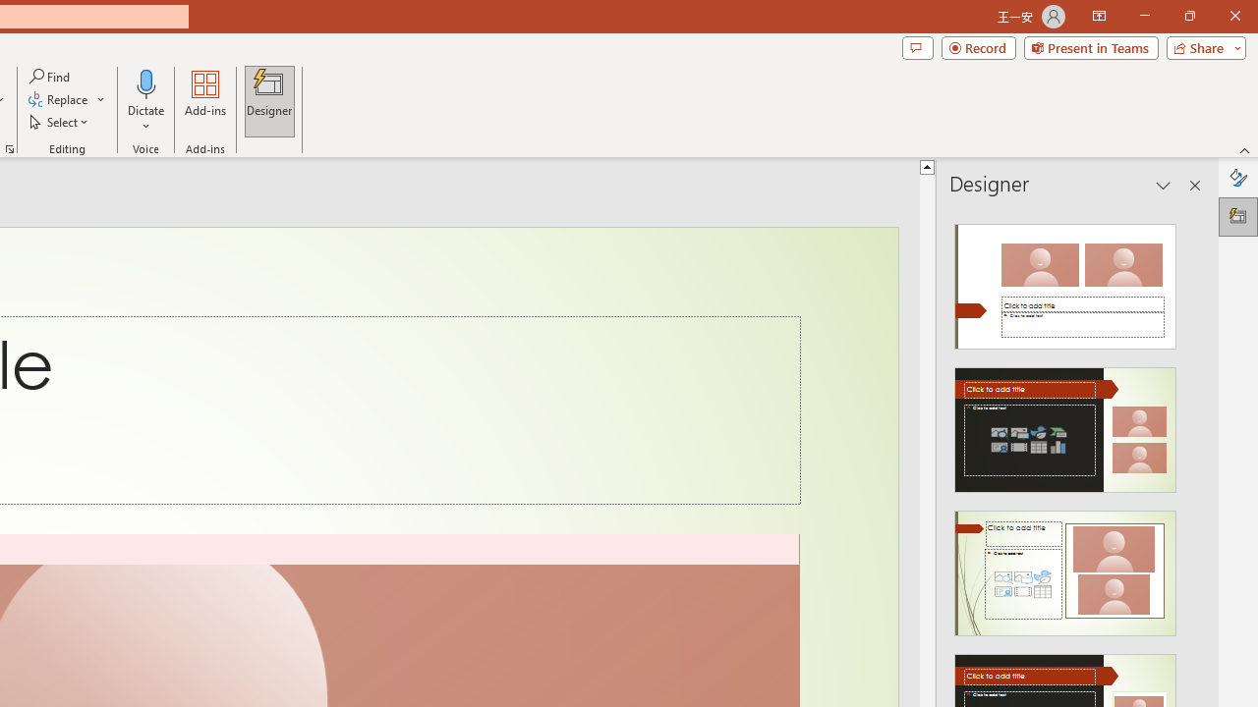 The width and height of the screenshot is (1258, 707). I want to click on 'Dictate', so click(145, 101).